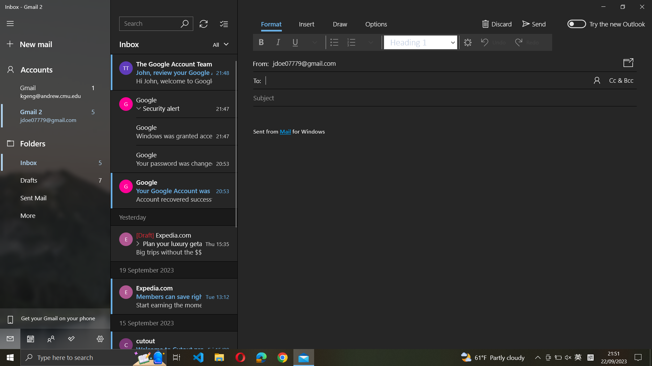  I want to click on Refresh inbox, so click(203, 23).